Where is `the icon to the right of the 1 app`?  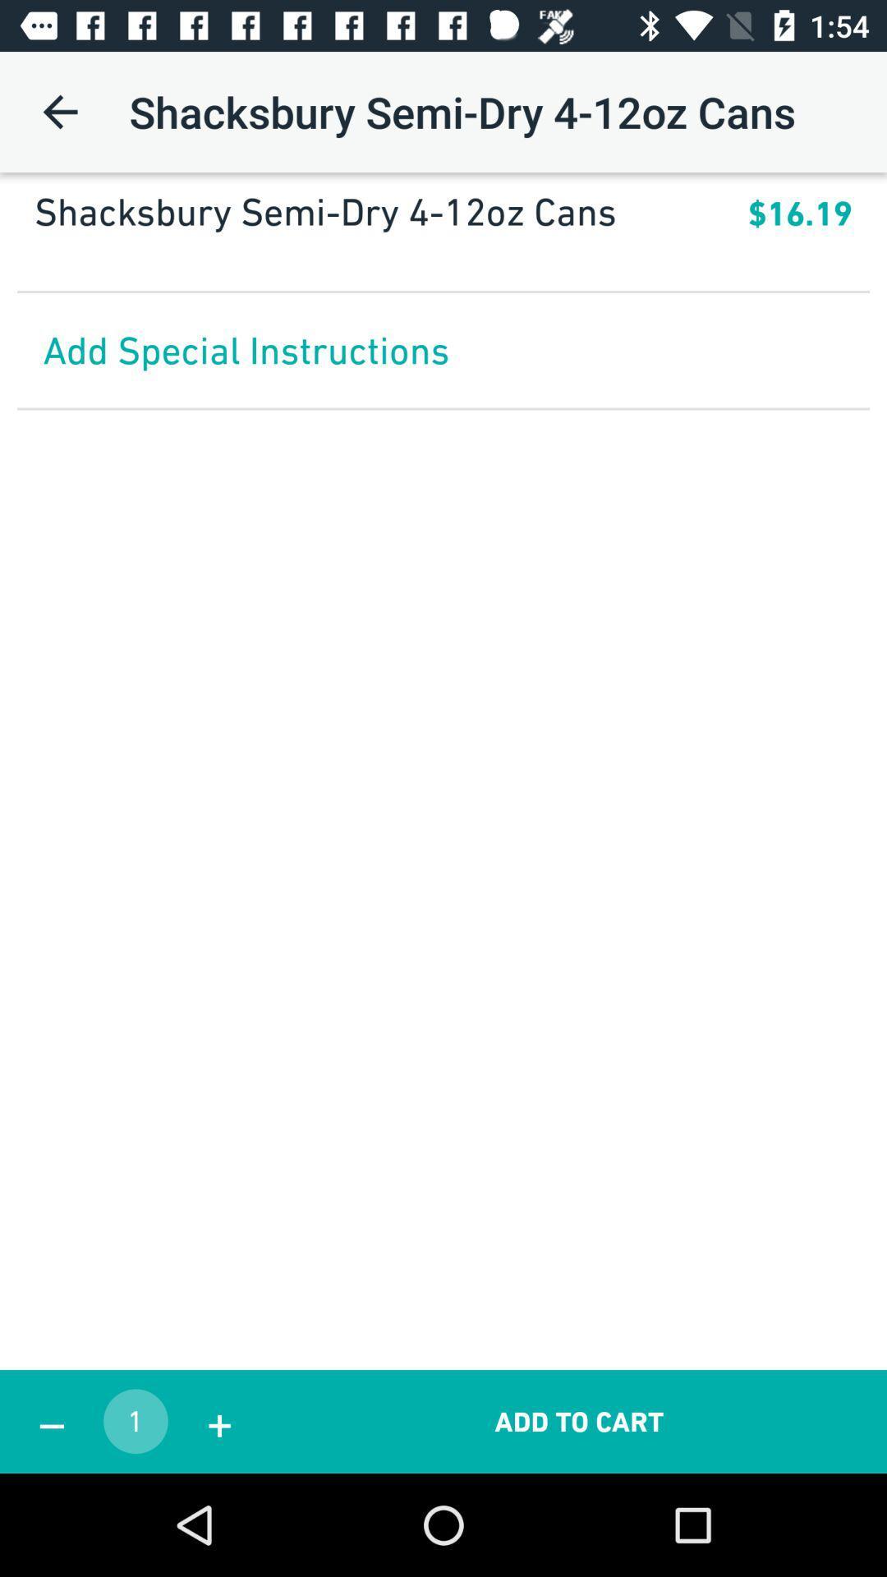 the icon to the right of the 1 app is located at coordinates (218, 1421).